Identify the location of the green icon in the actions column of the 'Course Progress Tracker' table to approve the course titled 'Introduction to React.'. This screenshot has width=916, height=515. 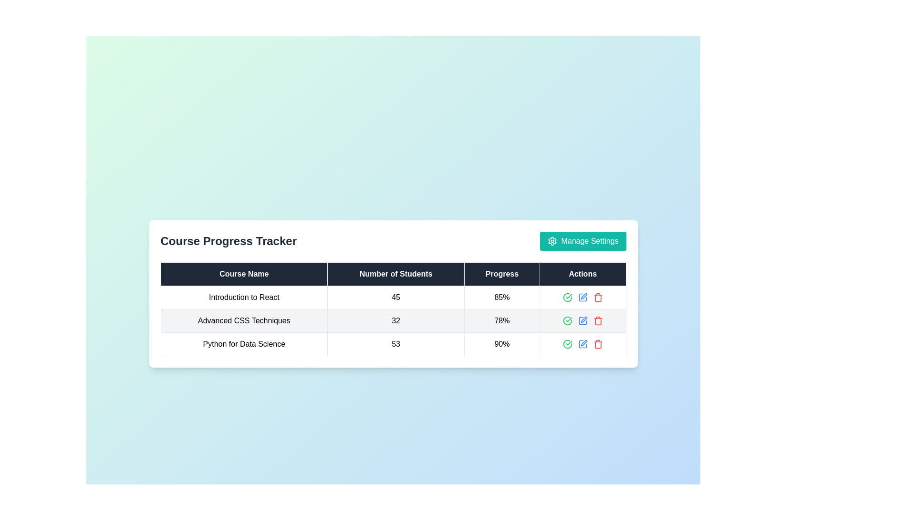
(582, 297).